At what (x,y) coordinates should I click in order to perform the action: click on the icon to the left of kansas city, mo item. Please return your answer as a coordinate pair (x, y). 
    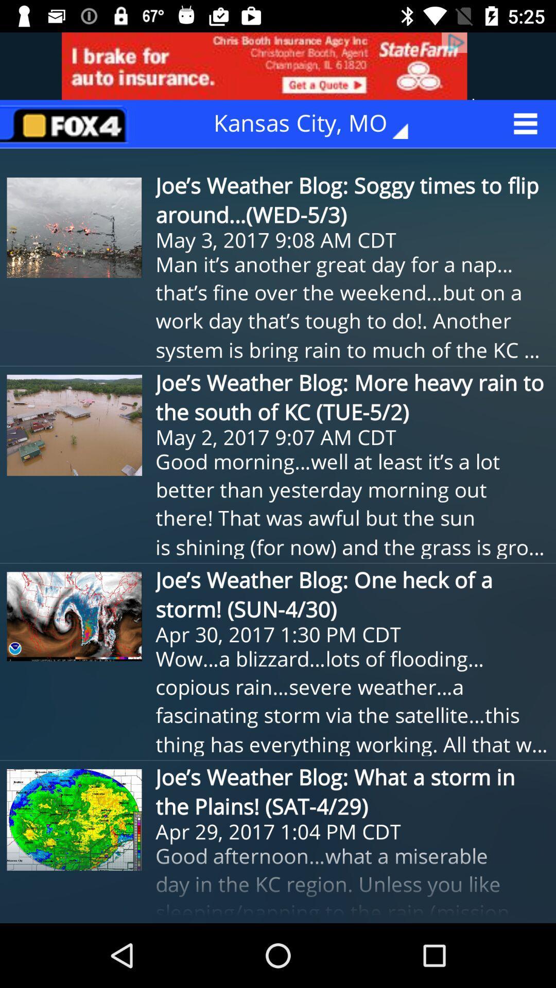
    Looking at the image, I should click on (67, 123).